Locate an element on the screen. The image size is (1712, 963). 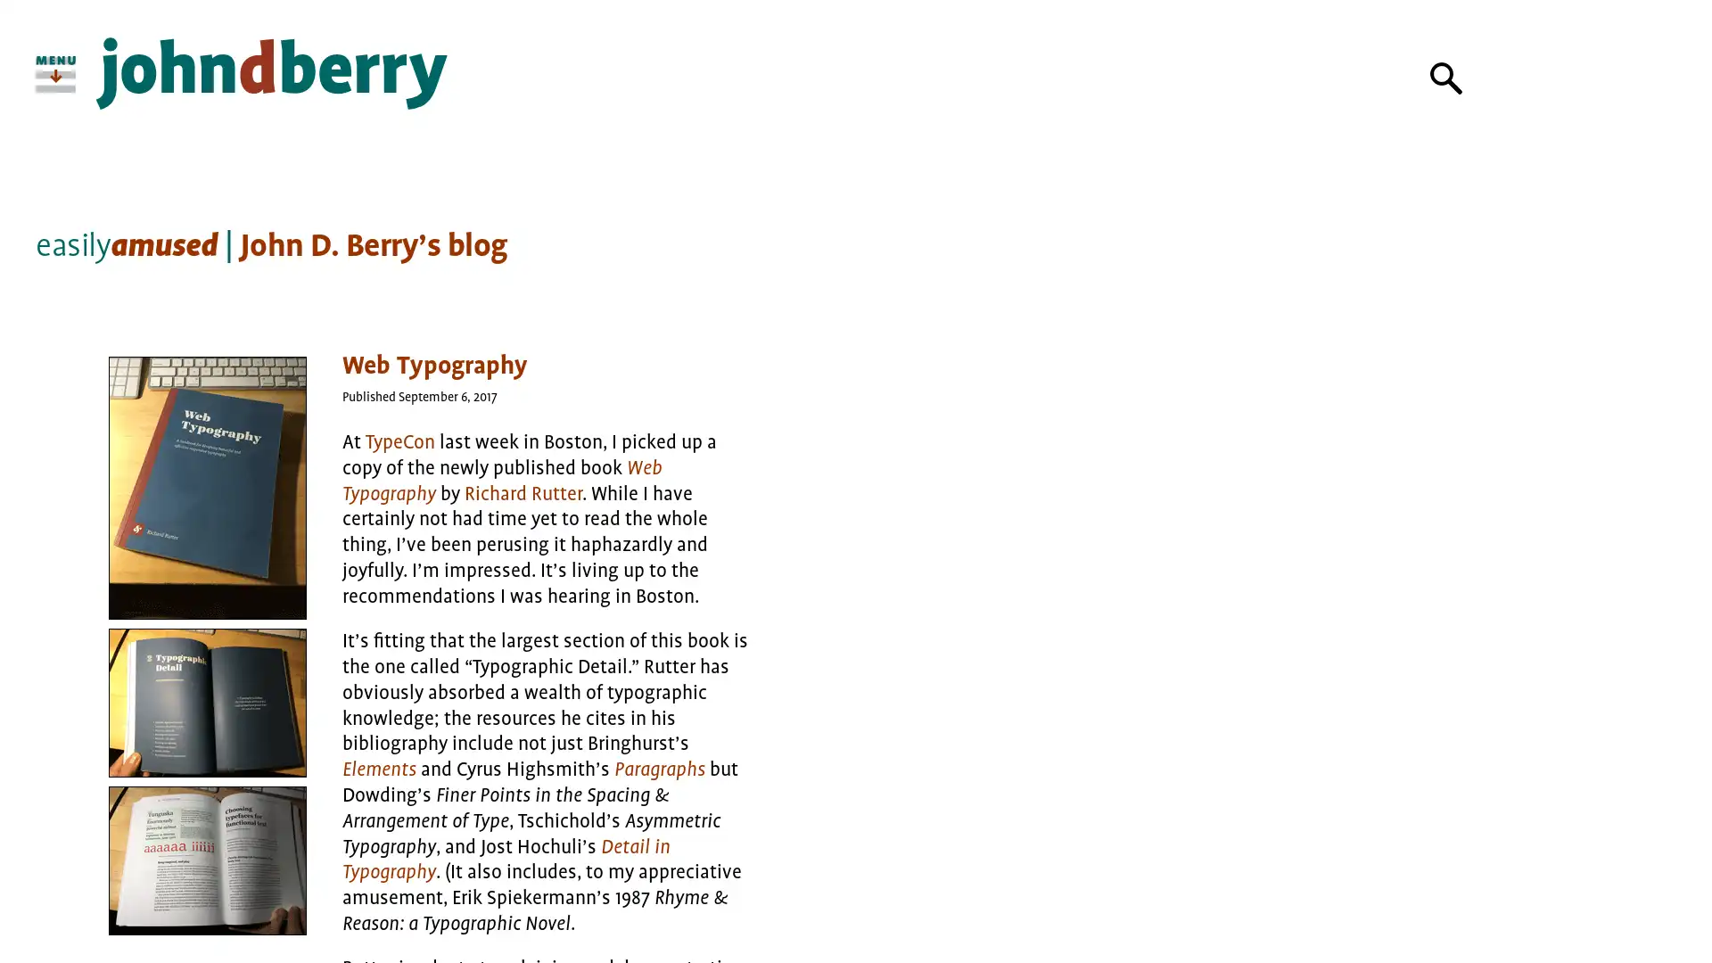
Search is located at coordinates (1446, 78).